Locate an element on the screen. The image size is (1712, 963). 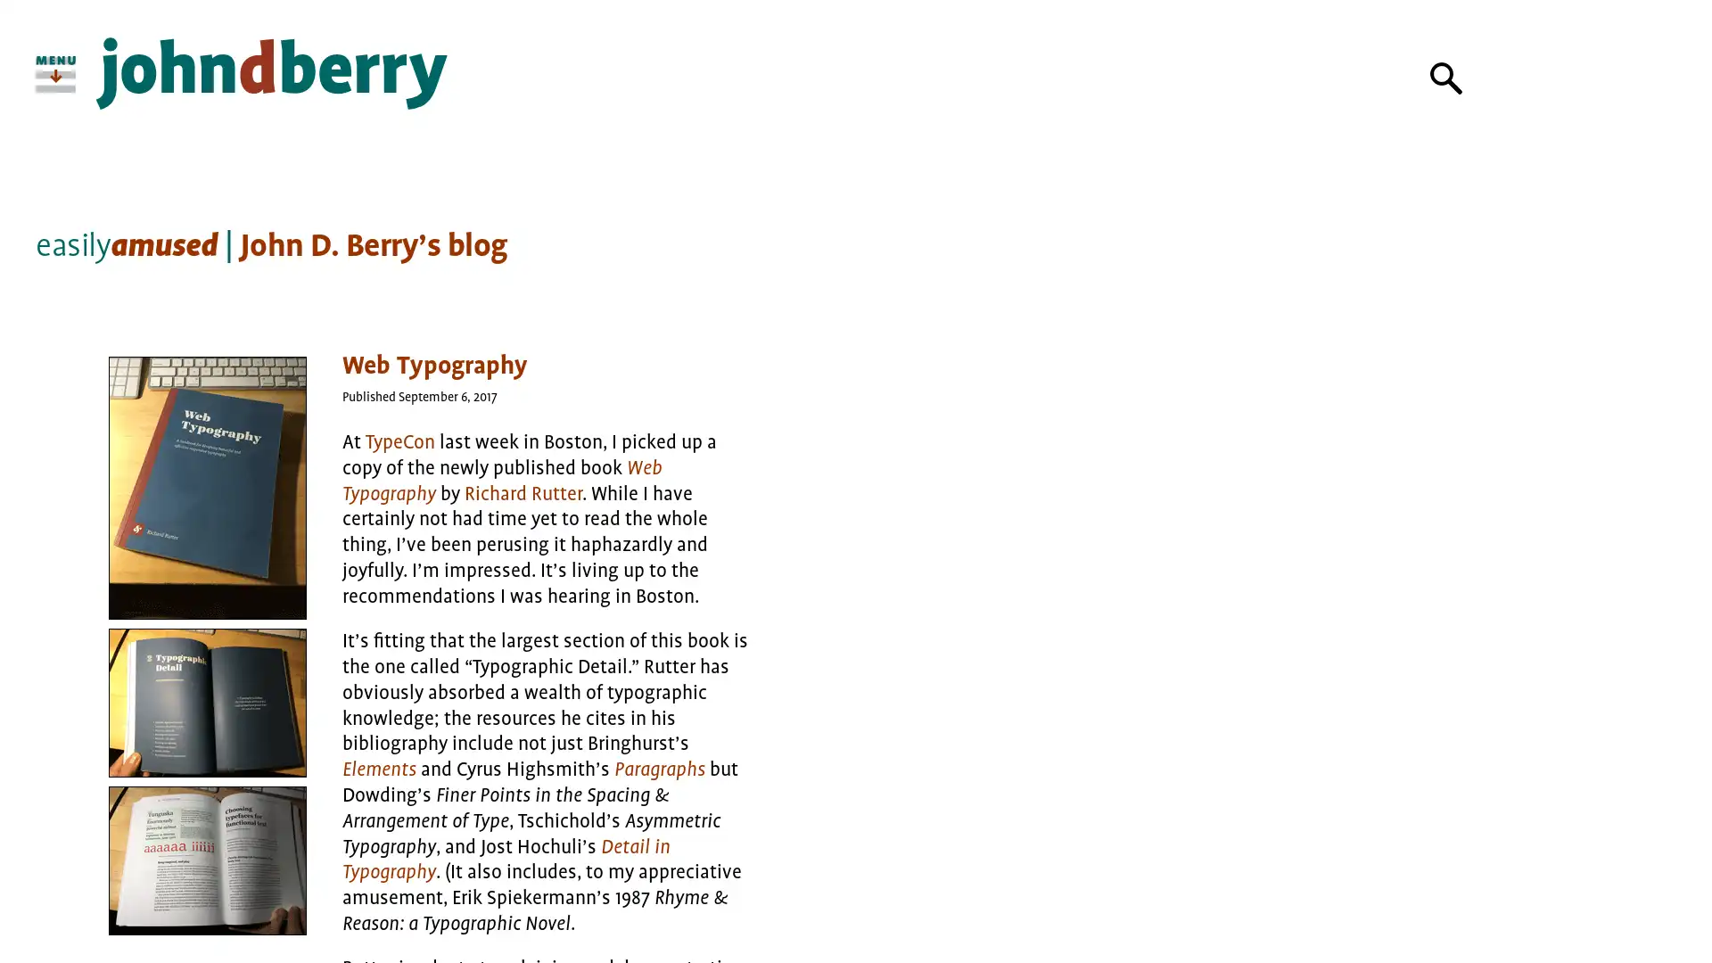
Search is located at coordinates (1446, 78).